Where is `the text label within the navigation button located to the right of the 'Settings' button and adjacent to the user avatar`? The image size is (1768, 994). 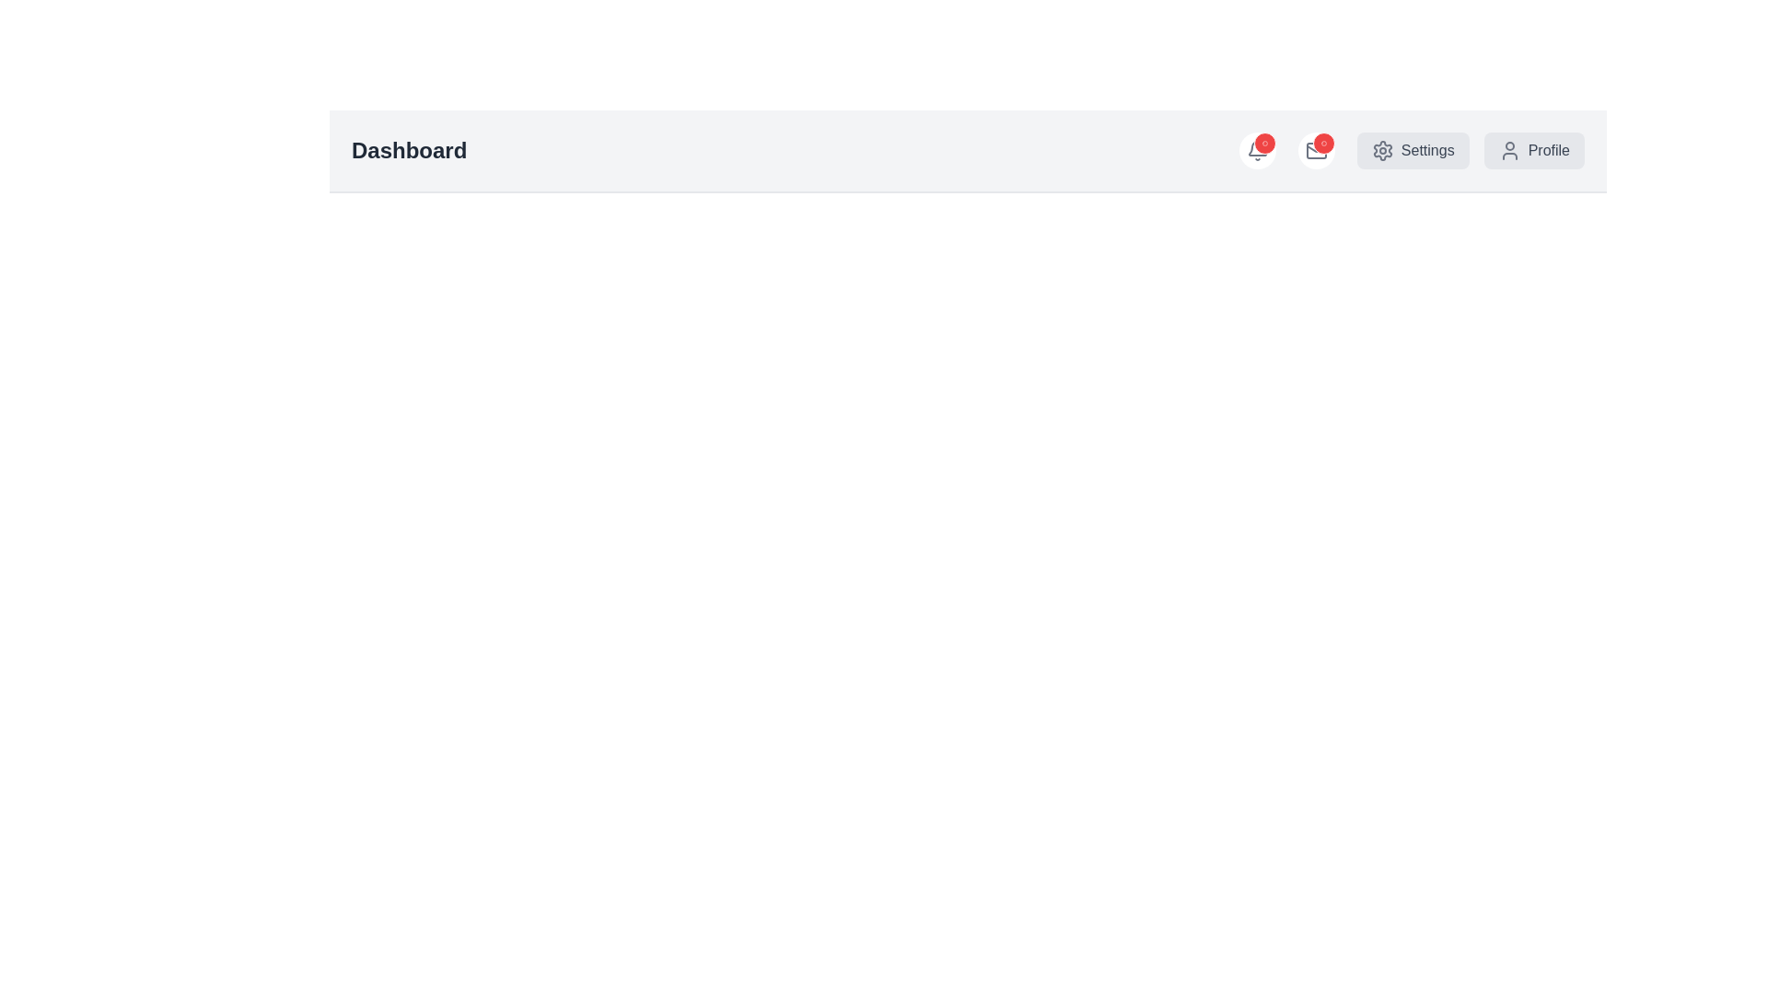
the text label within the navigation button located to the right of the 'Settings' button and adjacent to the user avatar is located at coordinates (1548, 150).